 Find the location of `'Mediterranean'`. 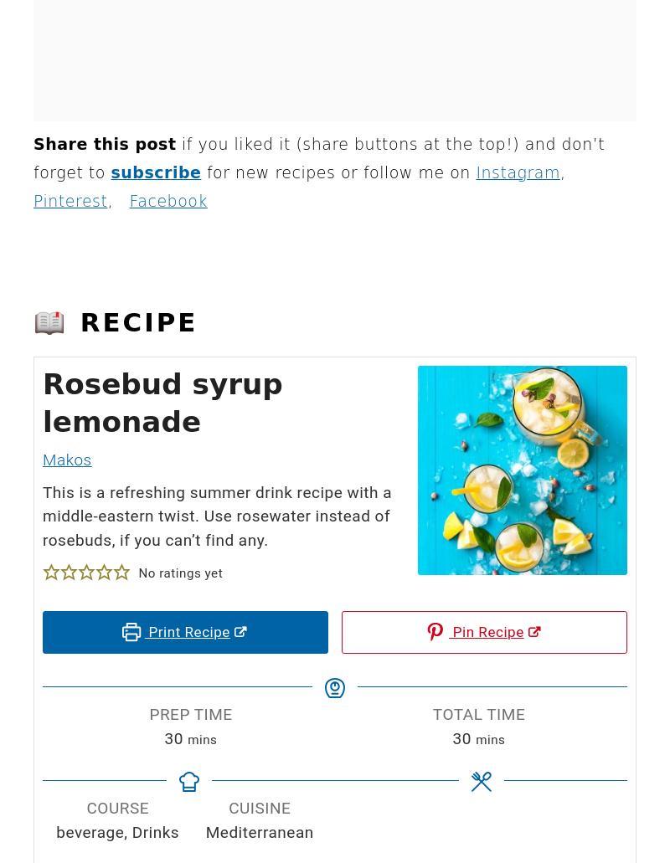

'Mediterranean' is located at coordinates (258, 830).